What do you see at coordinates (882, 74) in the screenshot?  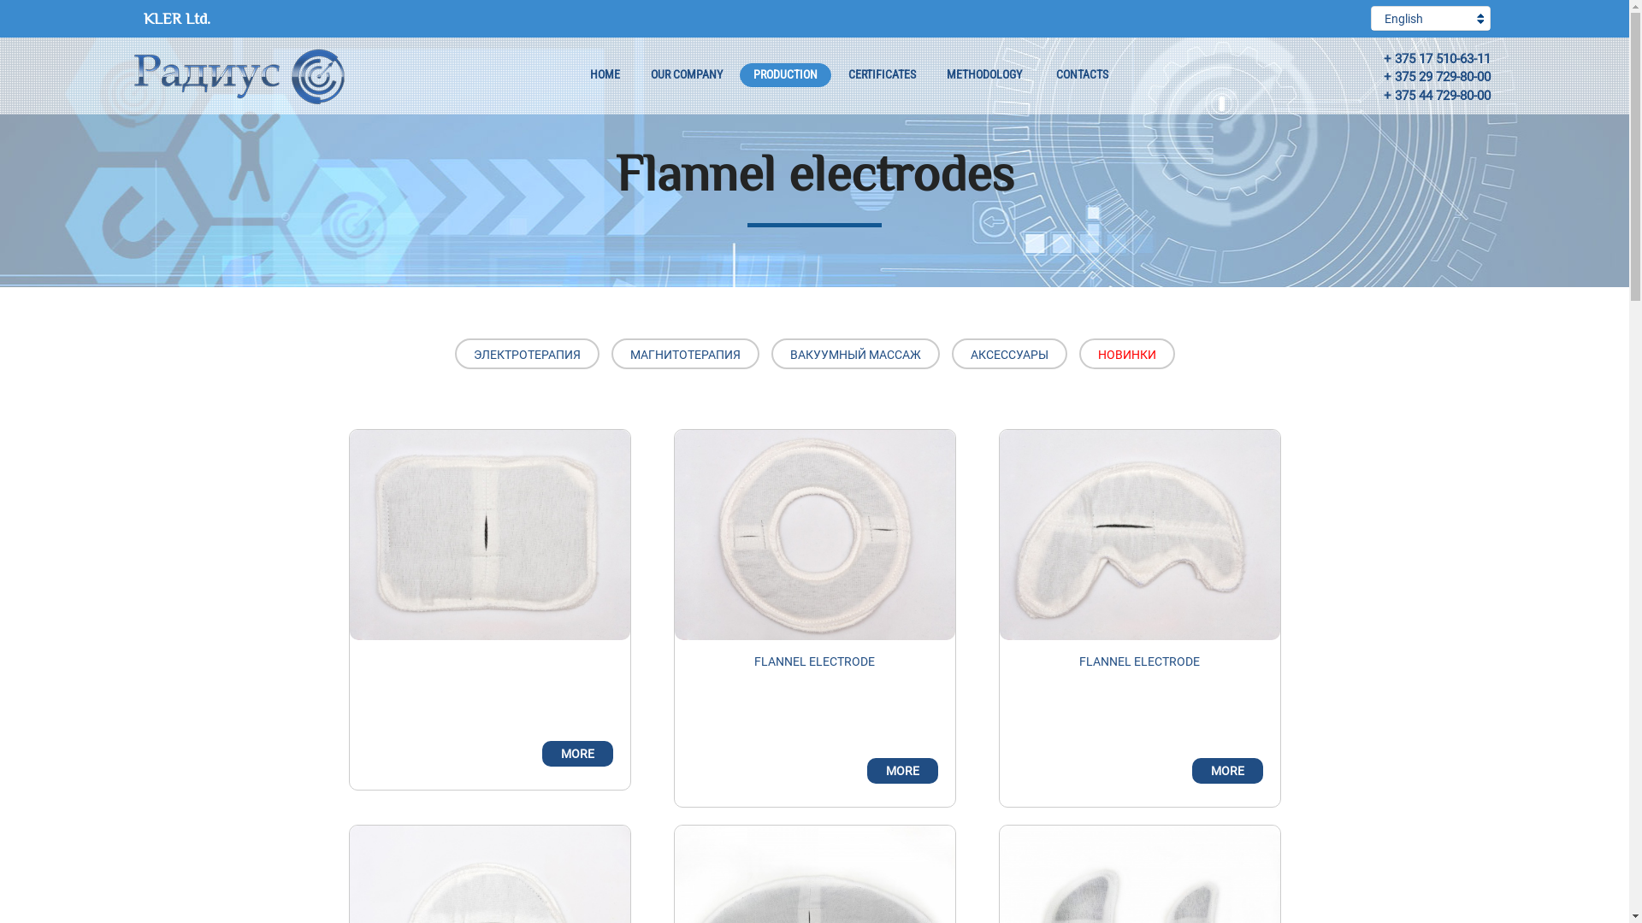 I see `'CERTIFICATES'` at bounding box center [882, 74].